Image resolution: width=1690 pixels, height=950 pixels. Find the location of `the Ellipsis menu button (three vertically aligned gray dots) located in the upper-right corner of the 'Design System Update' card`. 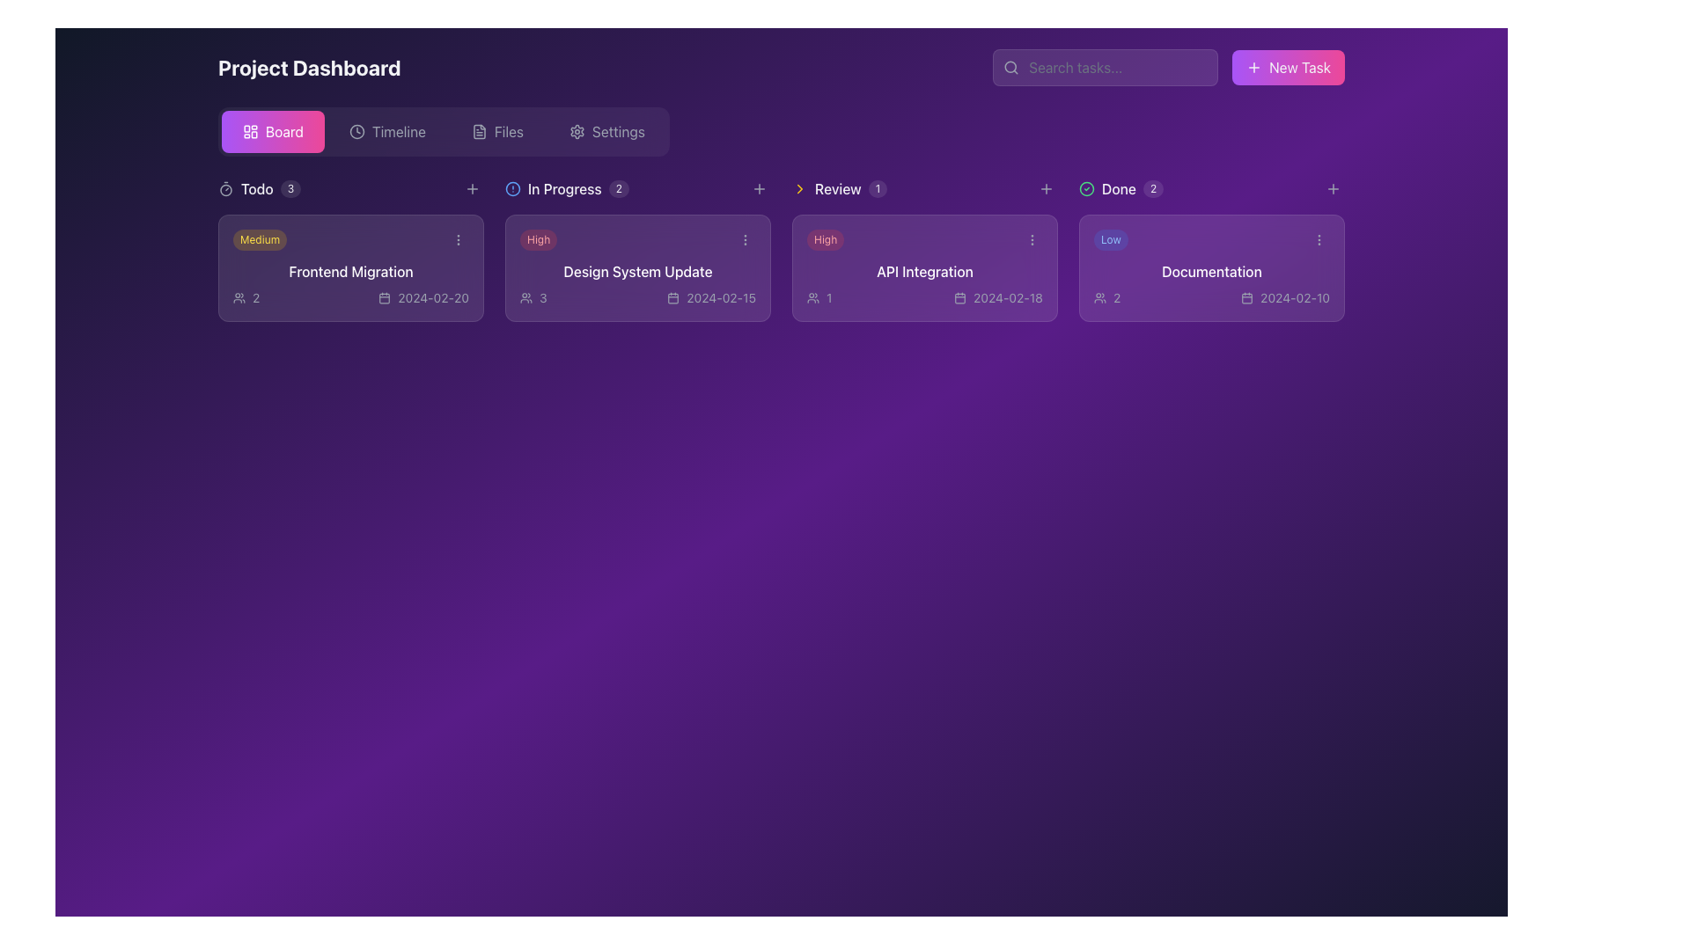

the Ellipsis menu button (three vertically aligned gray dots) located in the upper-right corner of the 'Design System Update' card is located at coordinates (745, 240).